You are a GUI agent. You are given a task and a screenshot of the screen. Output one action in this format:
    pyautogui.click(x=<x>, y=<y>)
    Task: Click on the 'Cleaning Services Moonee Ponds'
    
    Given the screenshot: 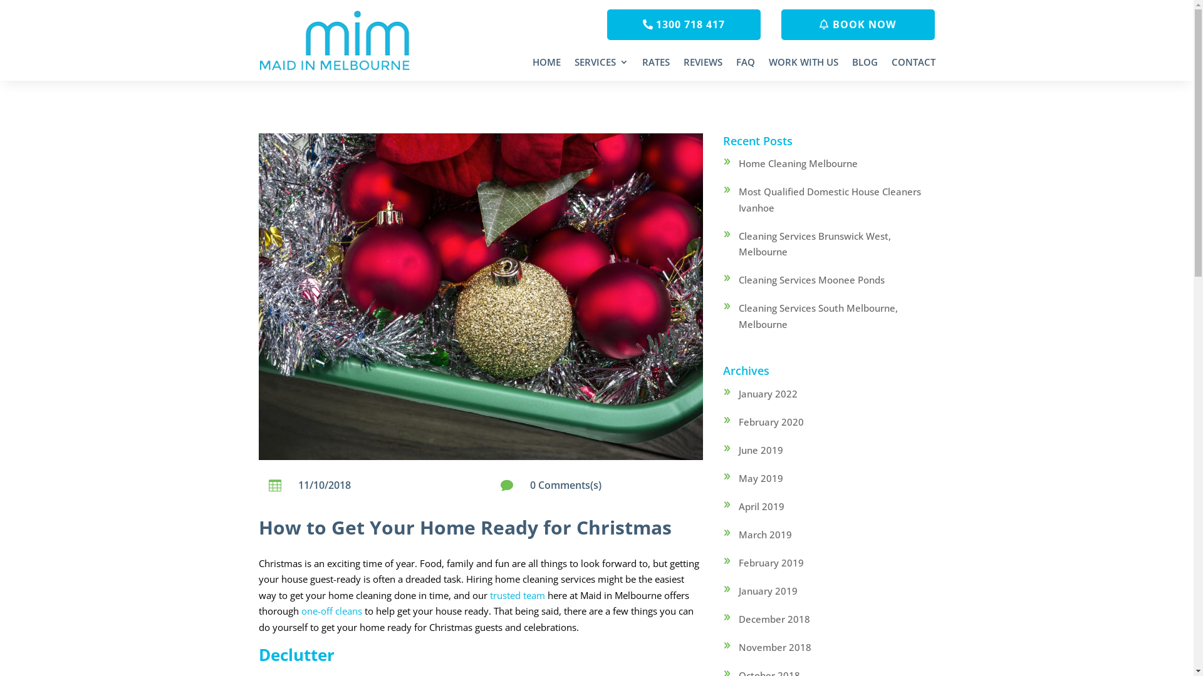 What is the action you would take?
    pyautogui.click(x=811, y=279)
    